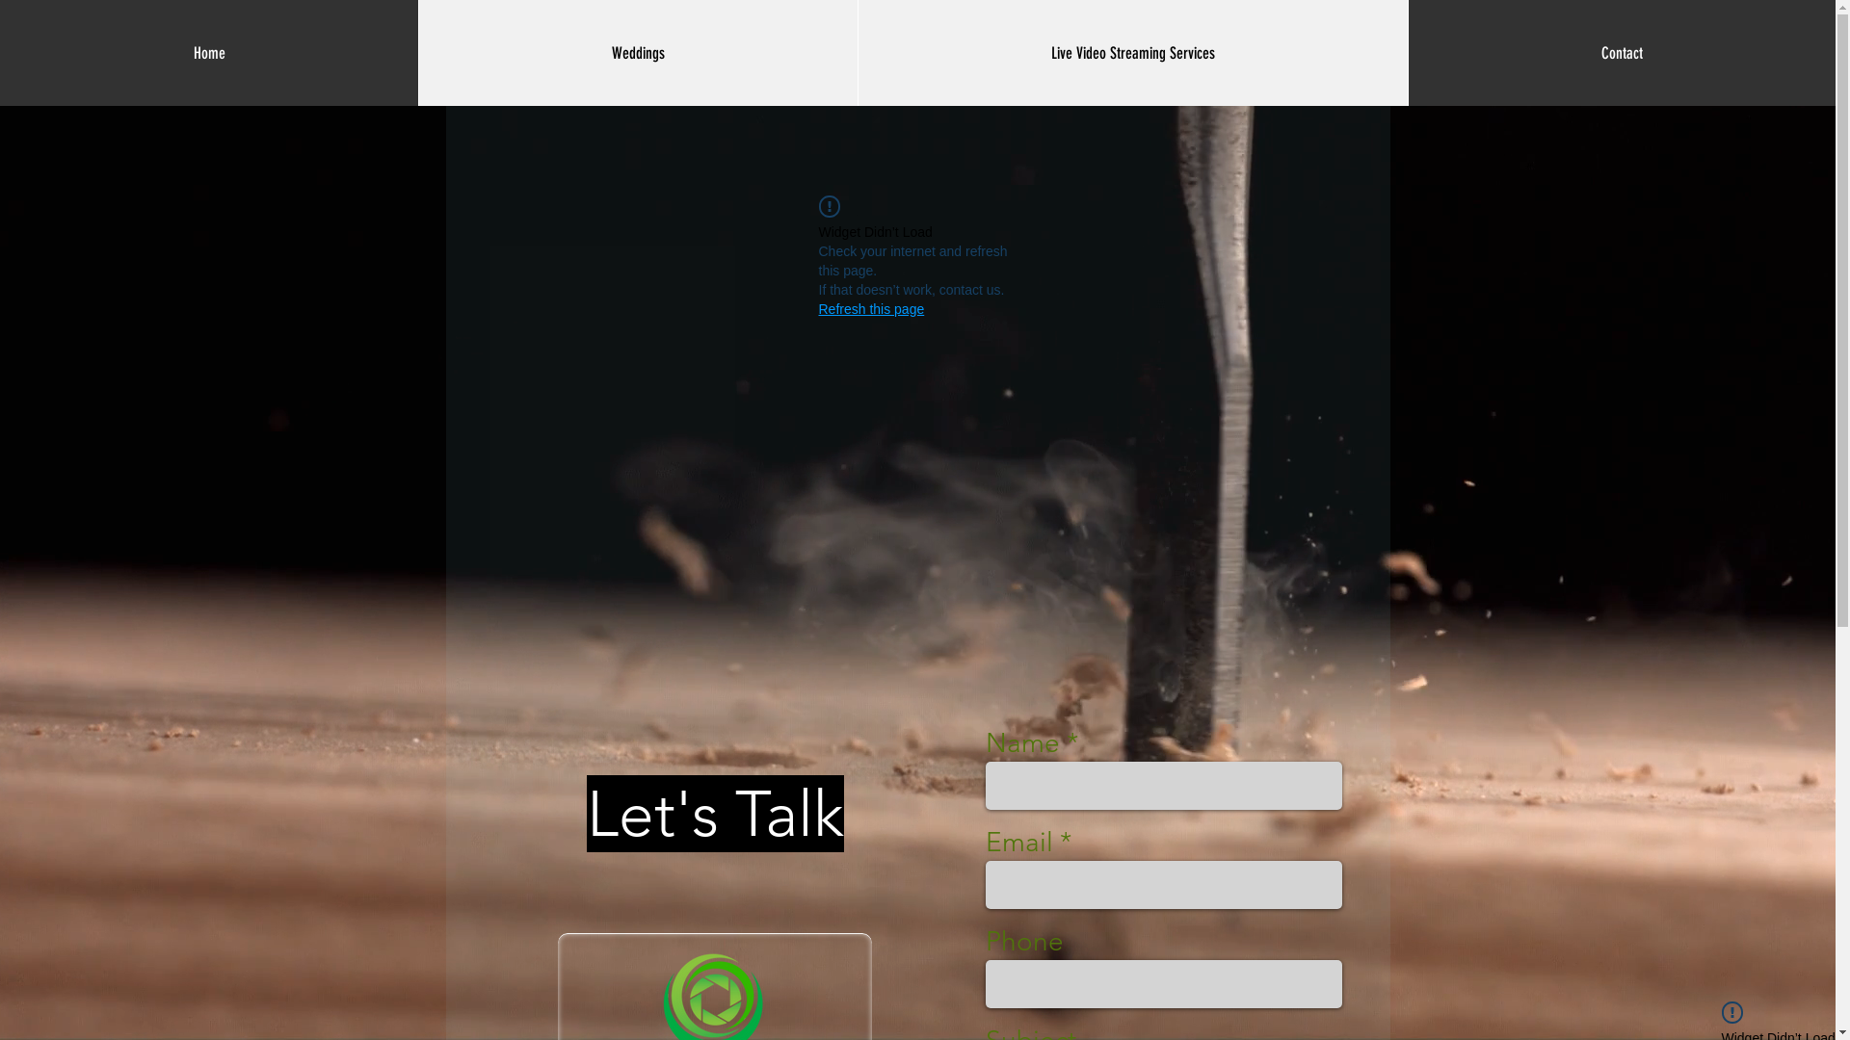  Describe the element at coordinates (871, 307) in the screenshot. I see `'Refresh this page'` at that location.